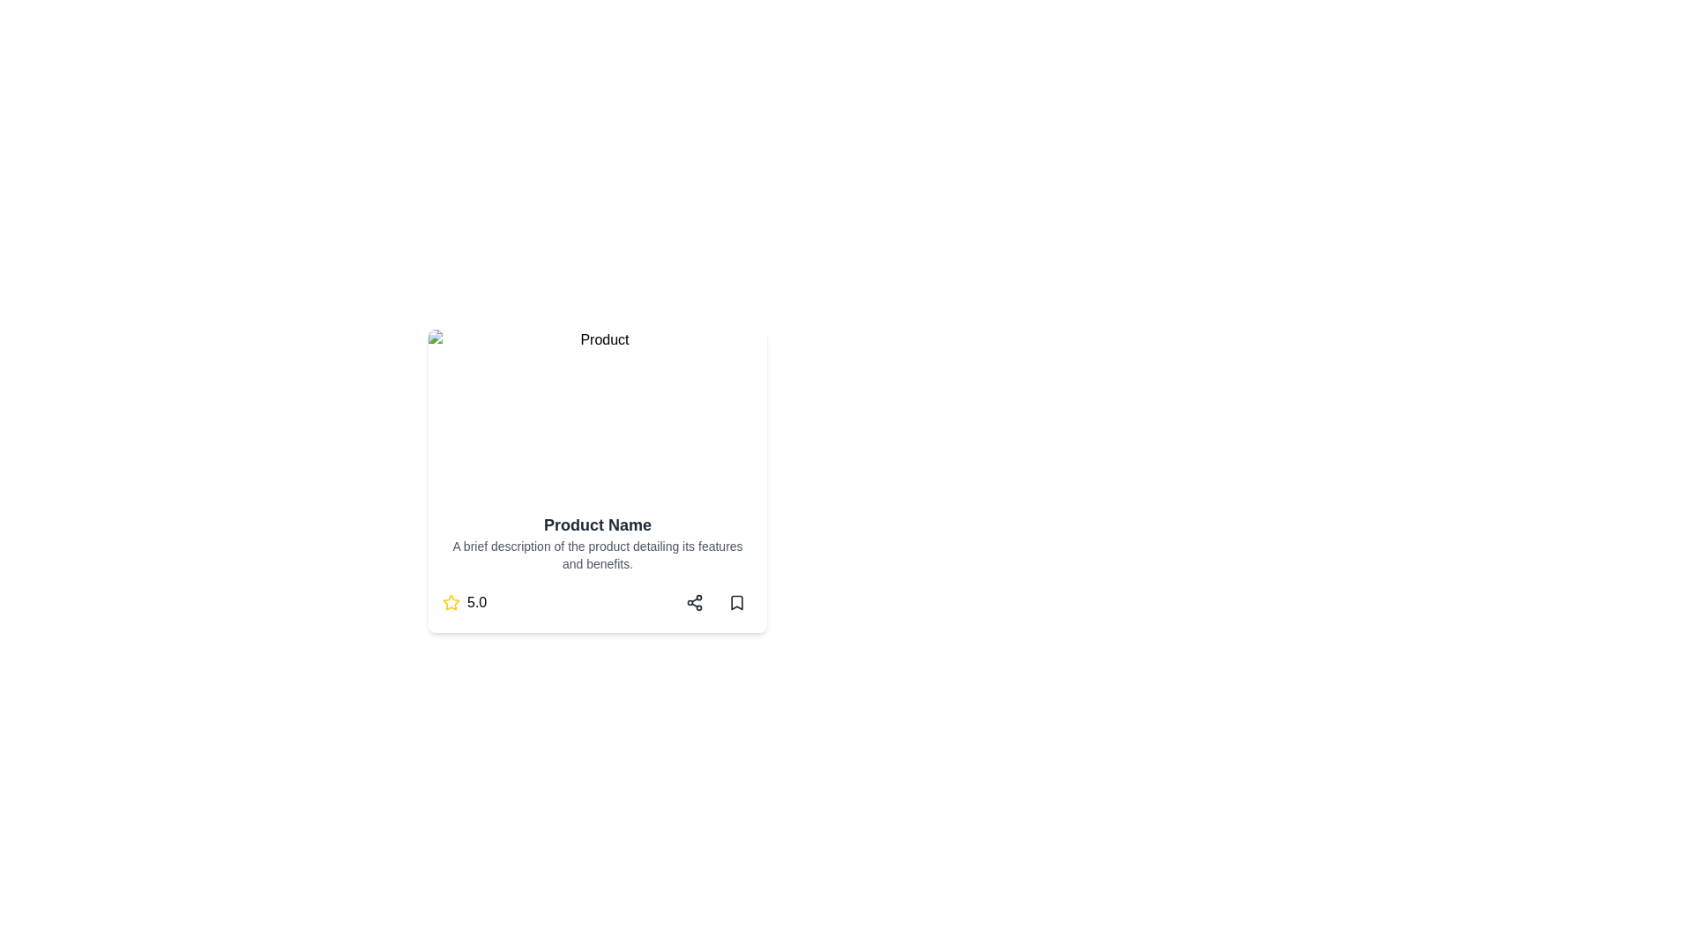  What do you see at coordinates (597, 565) in the screenshot?
I see `product information provided in the Textual Description Box located at the bottom of the card layout, below the image section` at bounding box center [597, 565].